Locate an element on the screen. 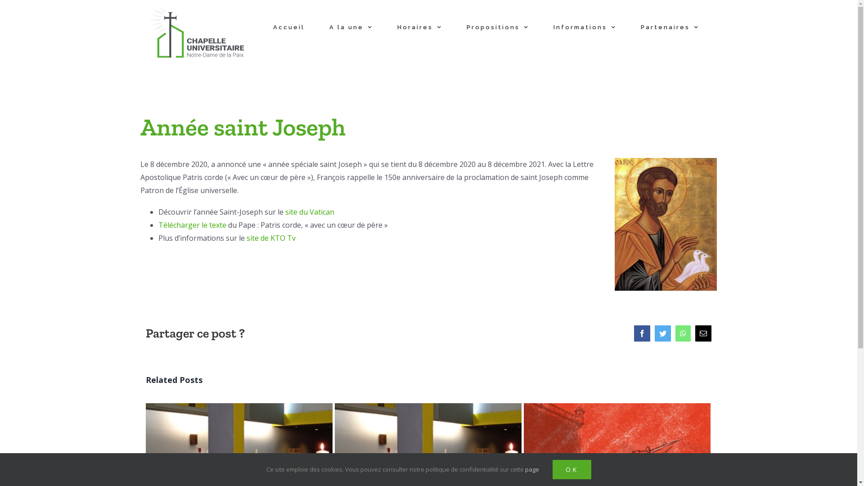 The image size is (864, 486). 'site de KTO Tv' is located at coordinates (270, 237).